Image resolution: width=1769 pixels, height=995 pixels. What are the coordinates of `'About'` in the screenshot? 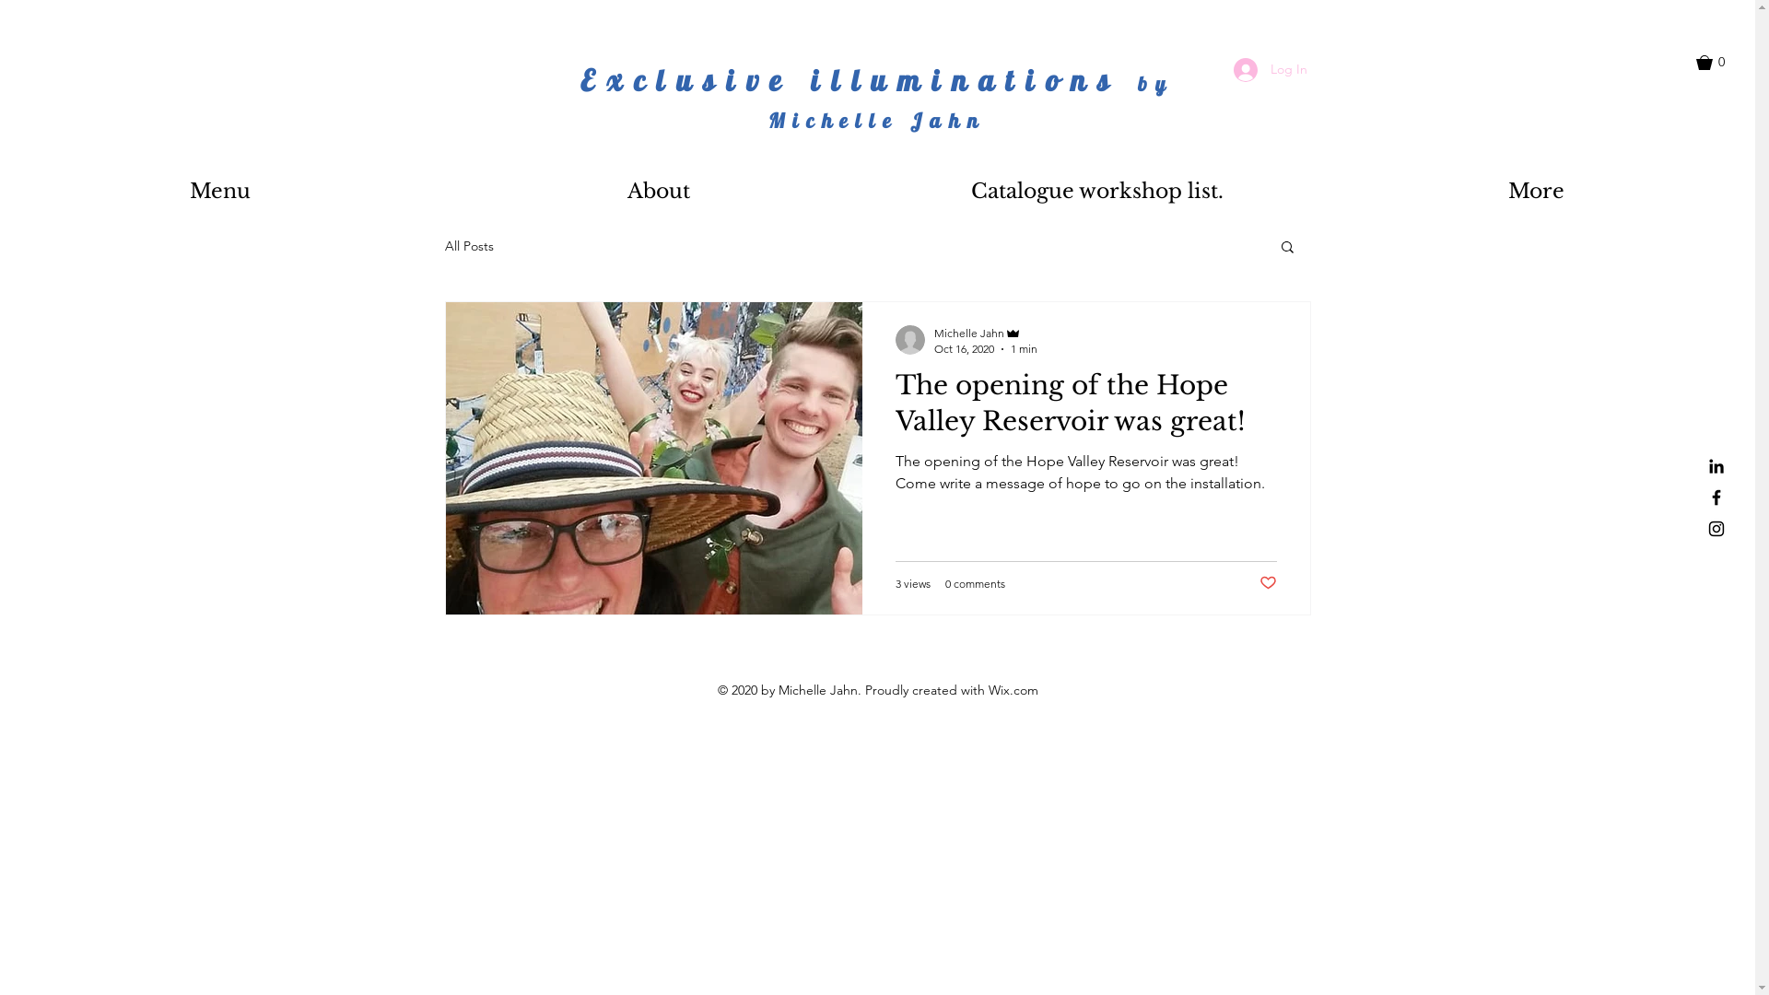 It's located at (659, 191).